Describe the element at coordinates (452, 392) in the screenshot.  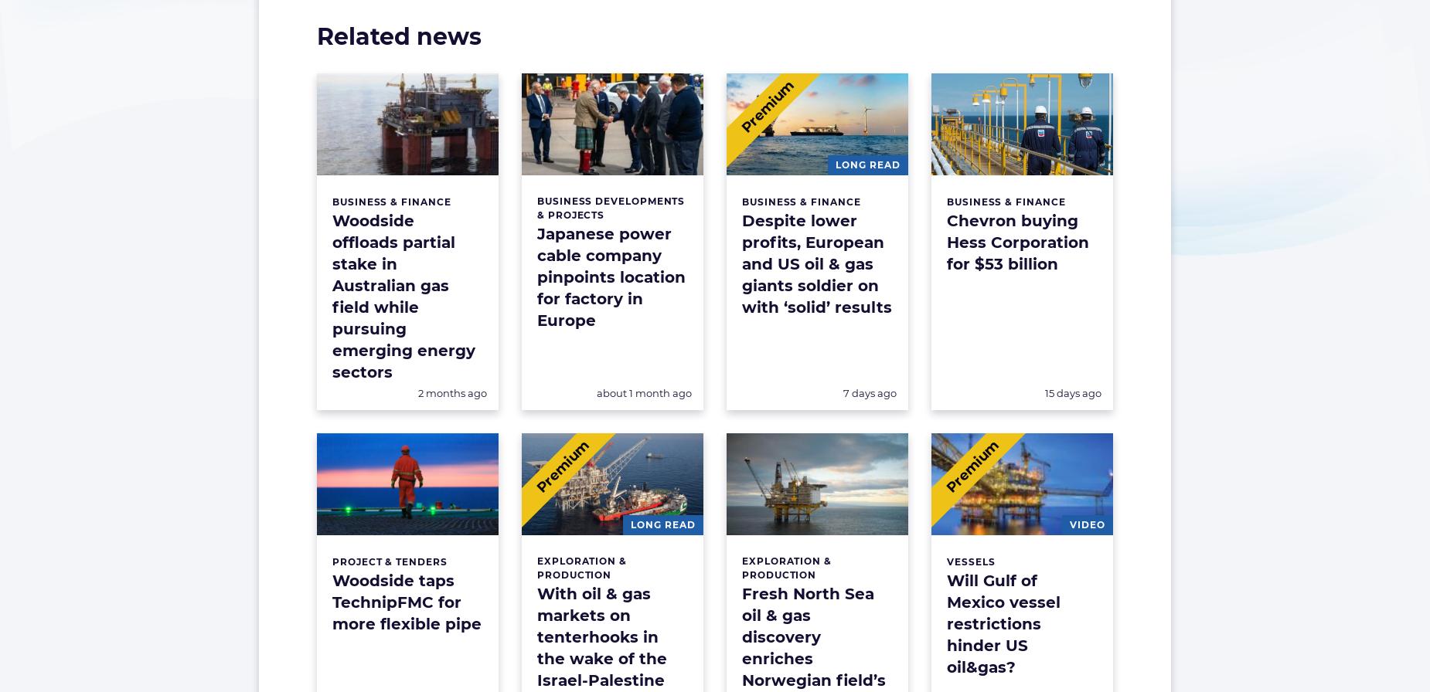
I see `'2 months ago'` at that location.